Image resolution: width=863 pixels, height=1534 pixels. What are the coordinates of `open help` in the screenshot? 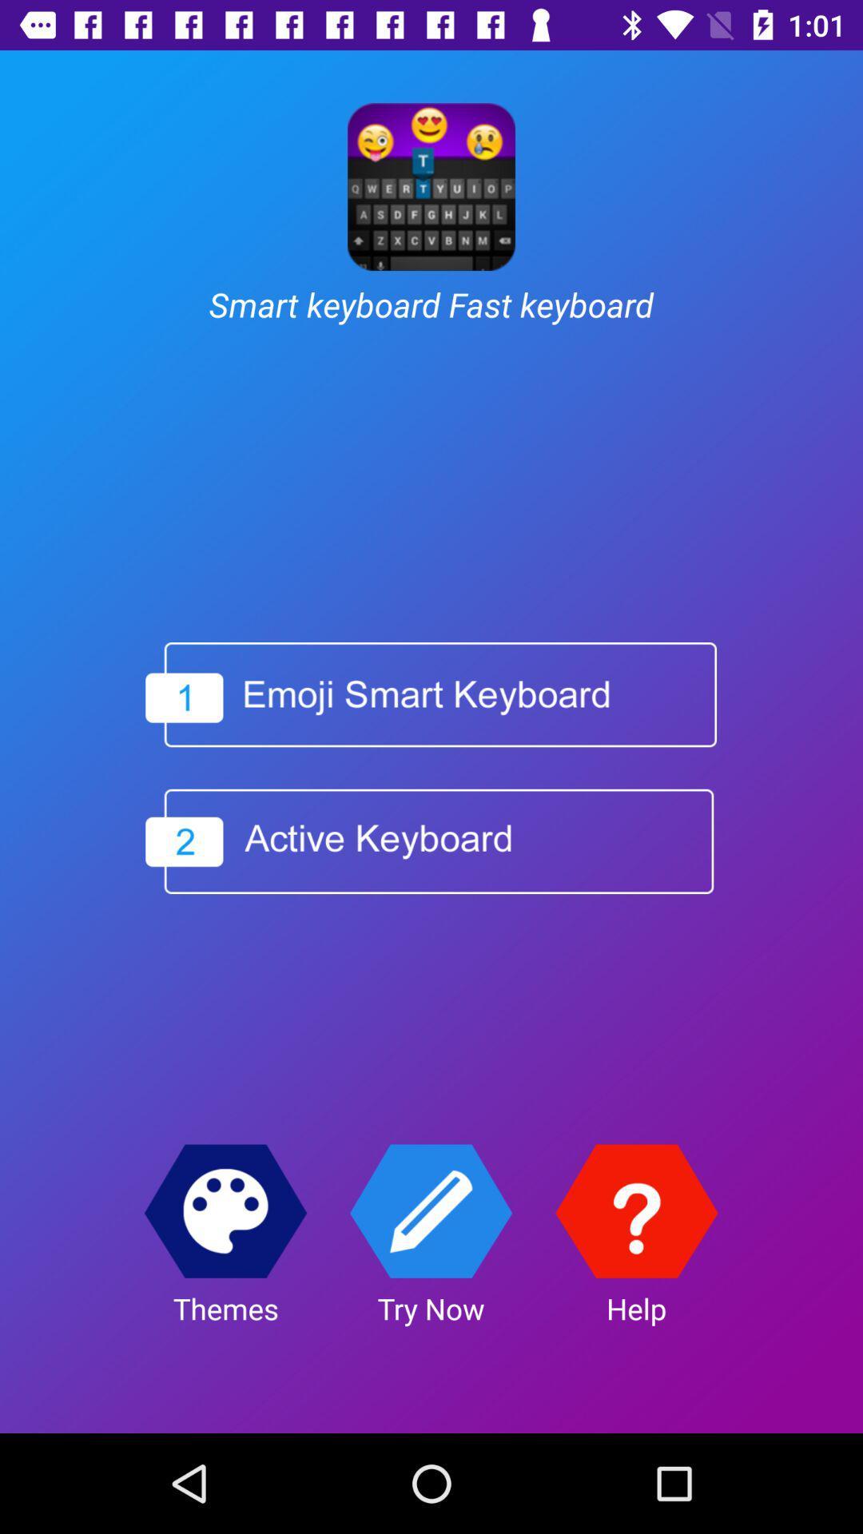 It's located at (635, 1211).